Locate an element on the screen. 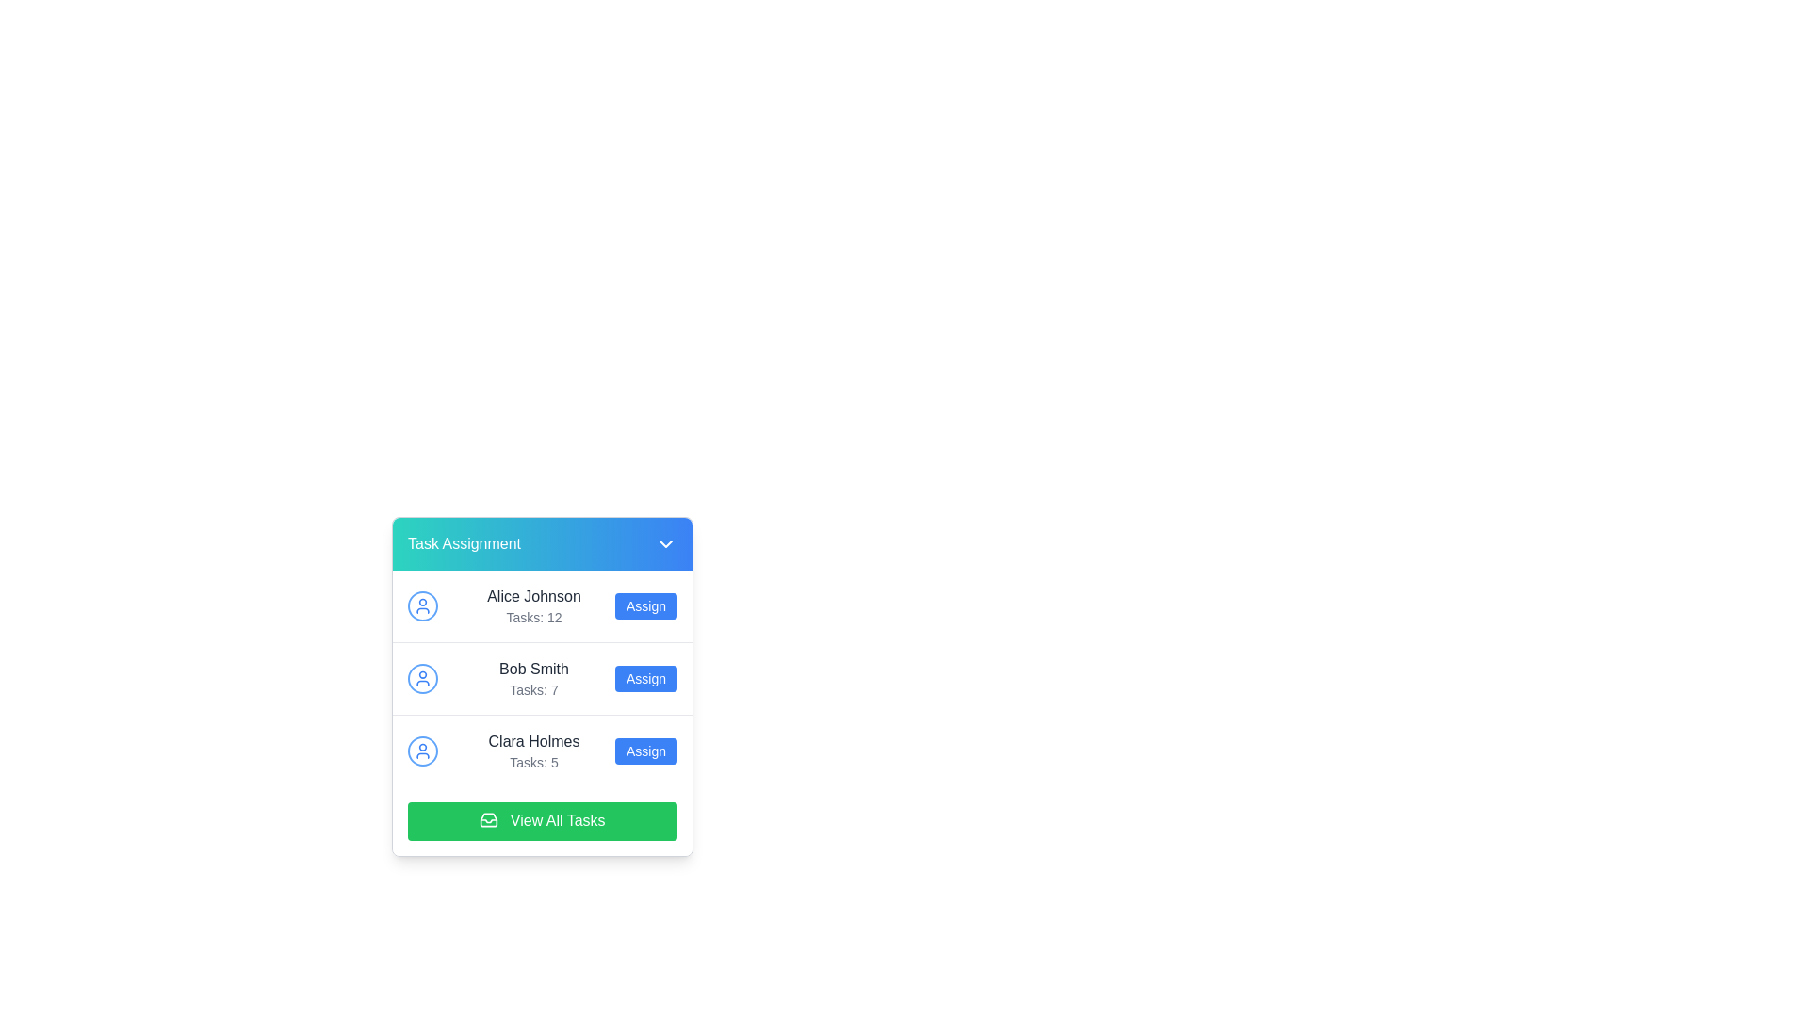  the Text display that shows the name and task count of user 'Bob Smith', located in the middle row of the list section under 'Task Assignment' is located at coordinates (532, 679).